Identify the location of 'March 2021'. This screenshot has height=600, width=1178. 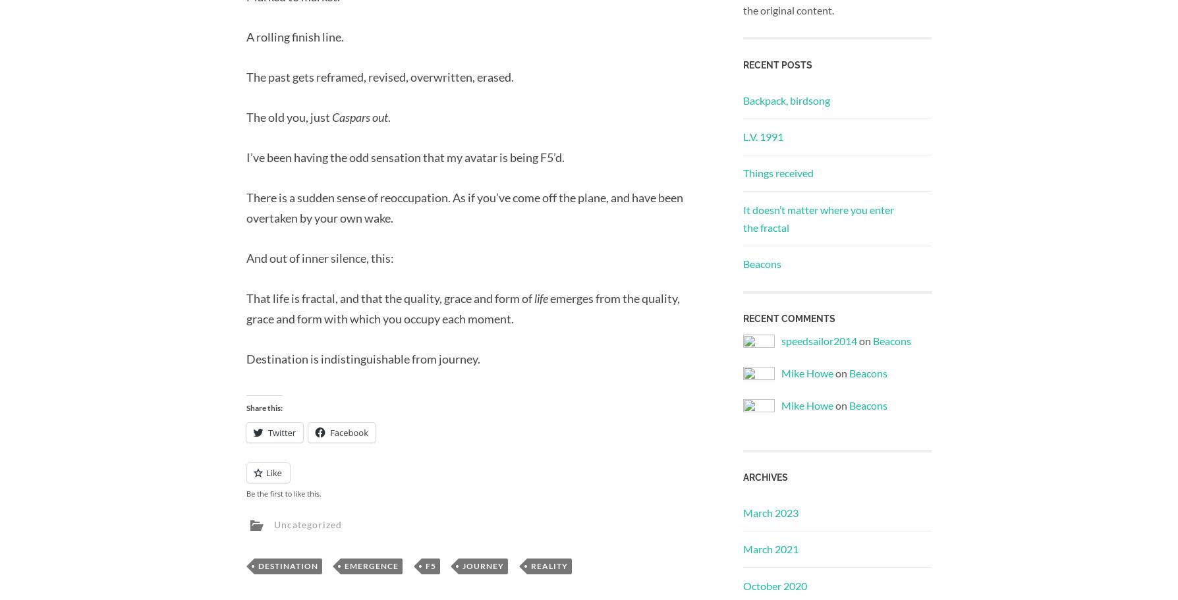
(770, 548).